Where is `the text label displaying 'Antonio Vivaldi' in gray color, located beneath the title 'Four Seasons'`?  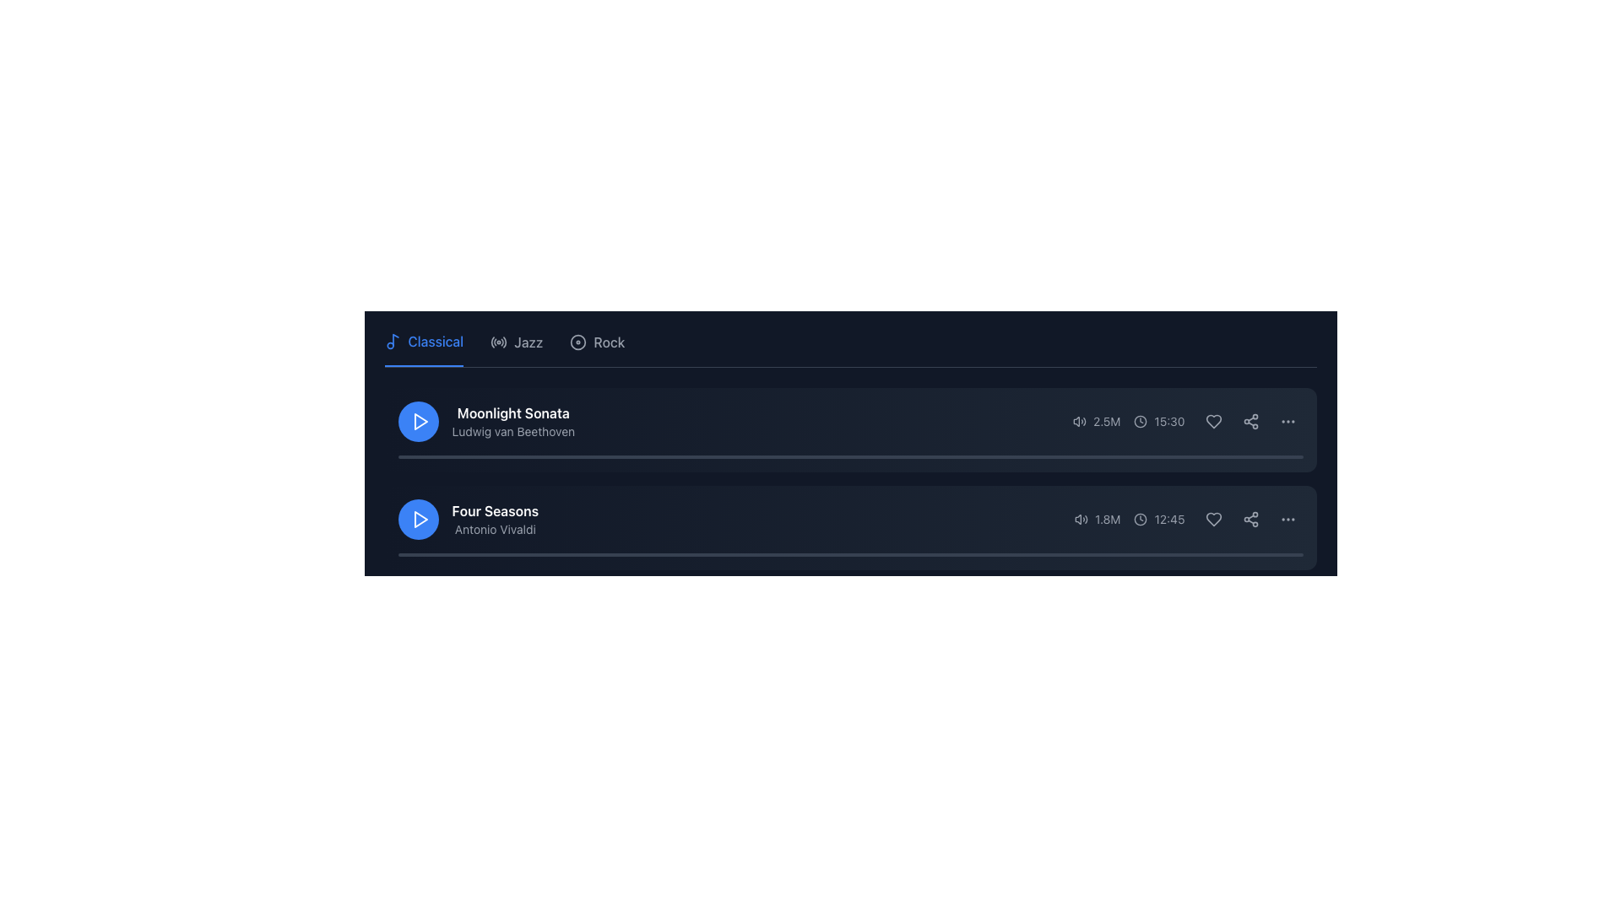 the text label displaying 'Antonio Vivaldi' in gray color, located beneath the title 'Four Seasons' is located at coordinates (494, 529).